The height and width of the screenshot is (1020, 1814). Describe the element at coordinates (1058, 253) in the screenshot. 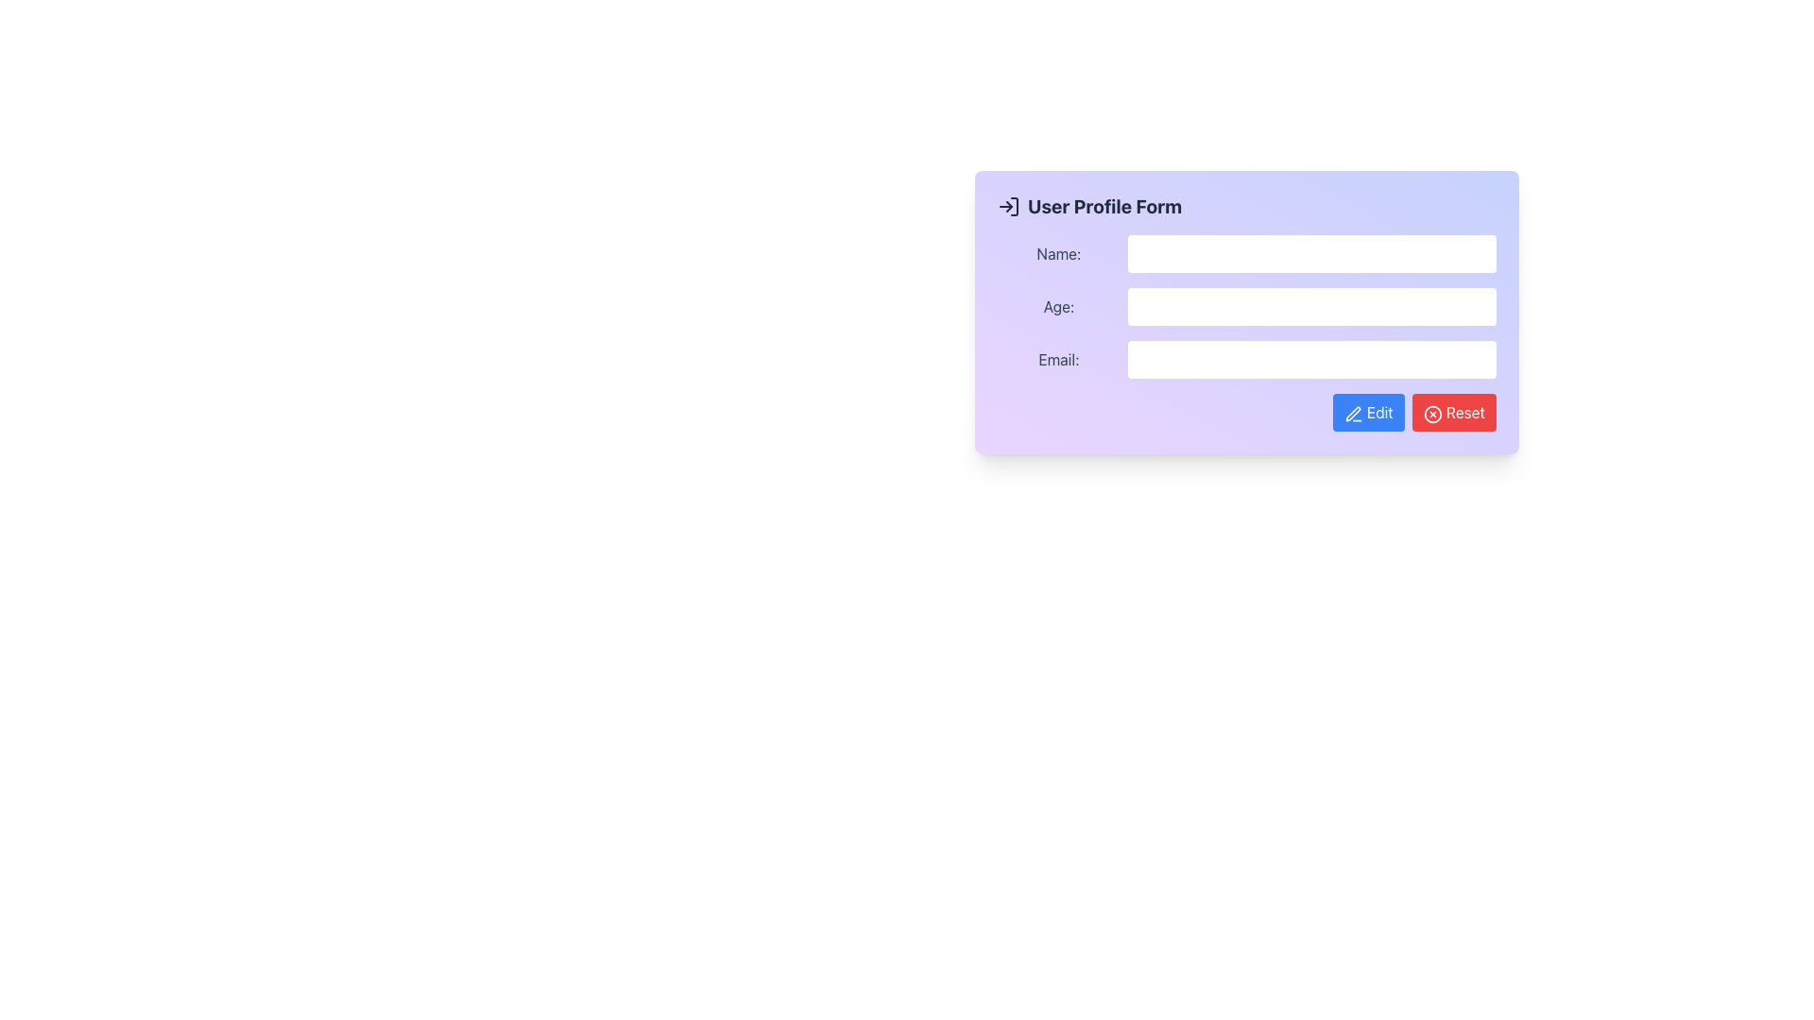

I see `the text label displaying 'Name:' which is styled with light gray color and positioned within the user profile form layout, located to the left of the text input field` at that location.